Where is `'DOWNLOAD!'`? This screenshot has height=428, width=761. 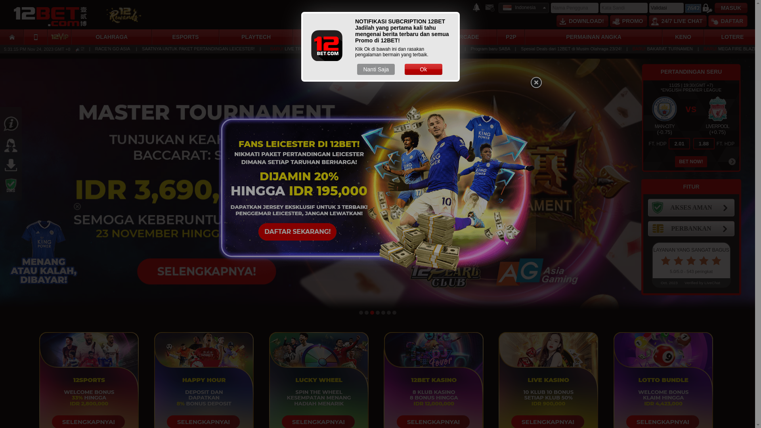
'DOWNLOAD!' is located at coordinates (582, 21).